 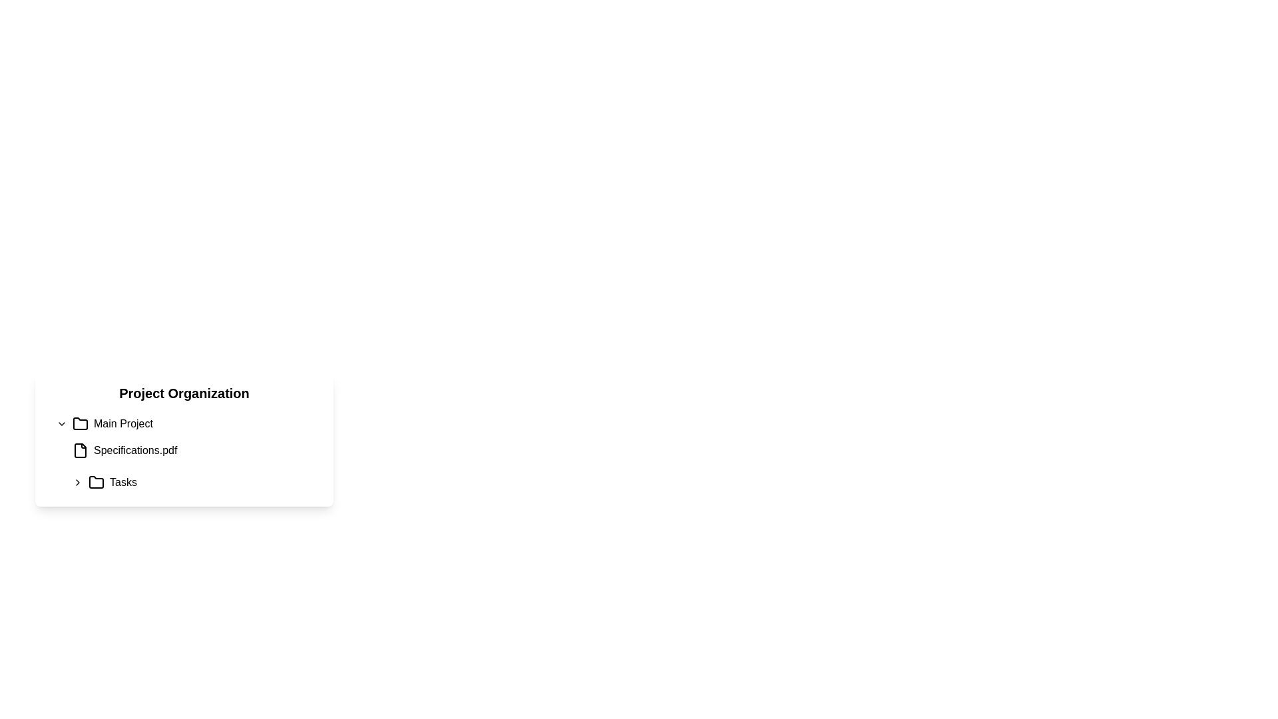 I want to click on the document file icon representing 'Specifications.pdf' located in the 'Main Project' directory to visually indicate its presence, so click(x=79, y=450).